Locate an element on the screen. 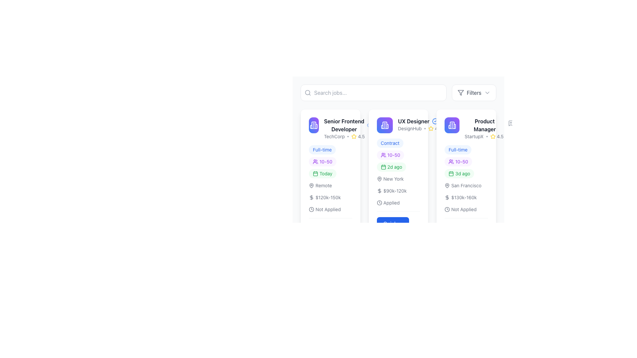  the small purple icon resembling two user silhouettes, which is located next to the '10-50' text in the second card of the job postings list is located at coordinates (315, 162).